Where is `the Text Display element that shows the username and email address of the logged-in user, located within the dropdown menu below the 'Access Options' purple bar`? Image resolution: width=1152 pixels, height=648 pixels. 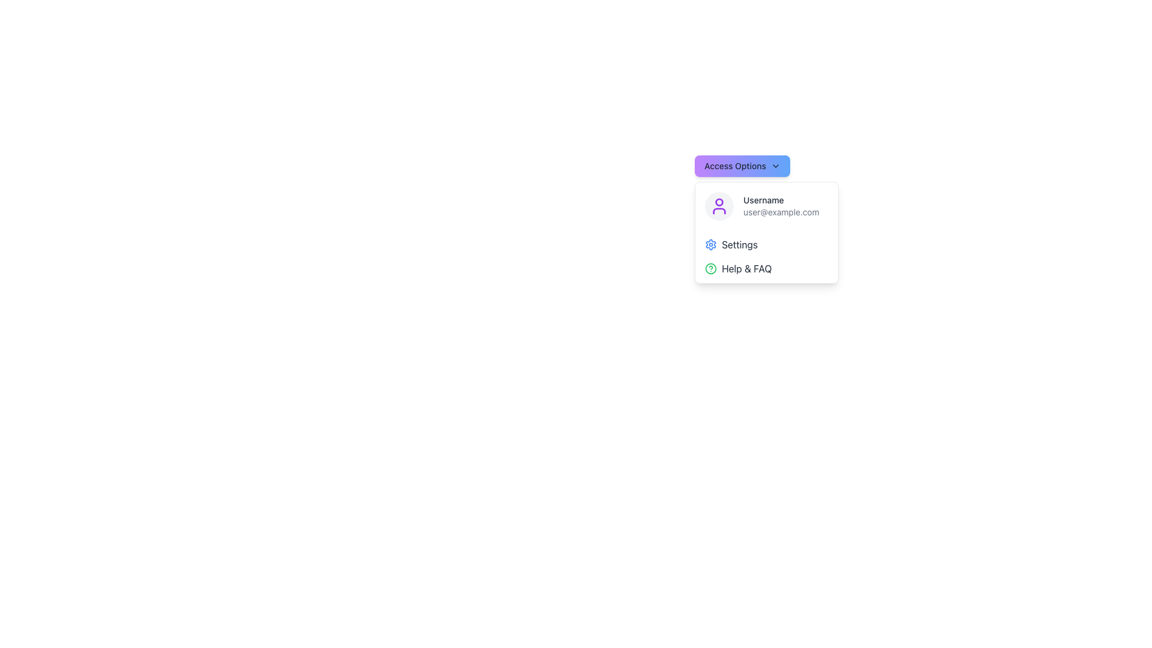 the Text Display element that shows the username and email address of the logged-in user, located within the dropdown menu below the 'Access Options' purple bar is located at coordinates (781, 205).